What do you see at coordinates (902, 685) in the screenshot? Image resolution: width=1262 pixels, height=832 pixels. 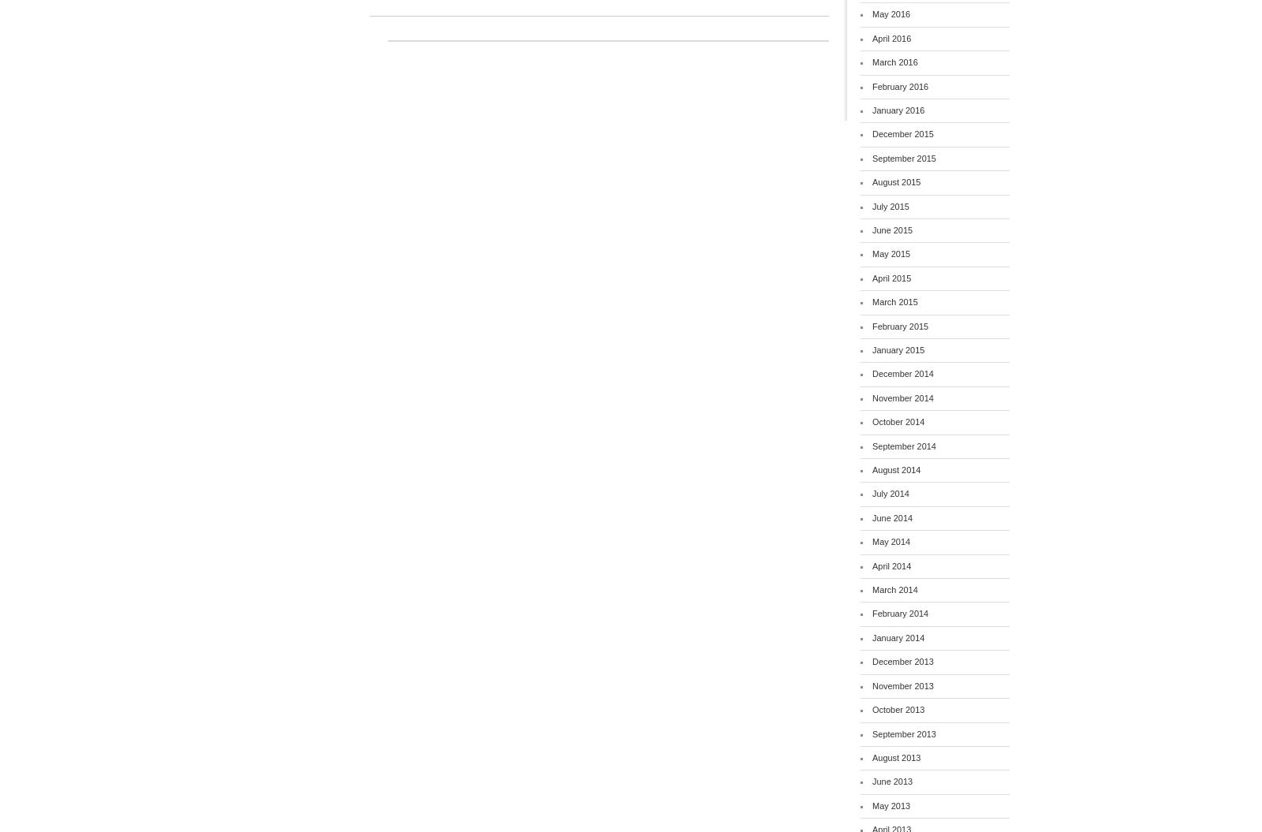 I see `'November 2013'` at bounding box center [902, 685].